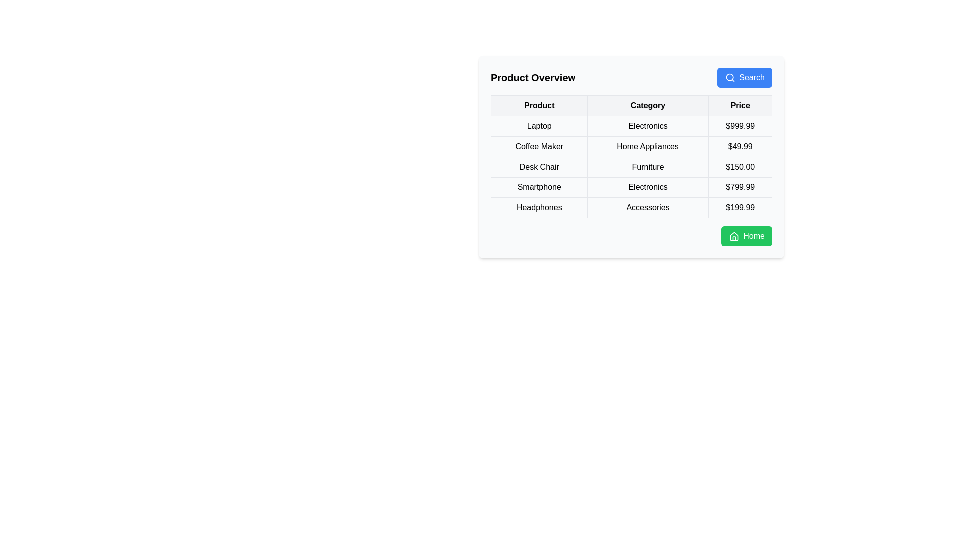 The width and height of the screenshot is (955, 537). Describe the element at coordinates (740, 105) in the screenshot. I see `the 'Price' header cell, which is the third header in a row of three headers in a table, indicating the column for product prices` at that location.